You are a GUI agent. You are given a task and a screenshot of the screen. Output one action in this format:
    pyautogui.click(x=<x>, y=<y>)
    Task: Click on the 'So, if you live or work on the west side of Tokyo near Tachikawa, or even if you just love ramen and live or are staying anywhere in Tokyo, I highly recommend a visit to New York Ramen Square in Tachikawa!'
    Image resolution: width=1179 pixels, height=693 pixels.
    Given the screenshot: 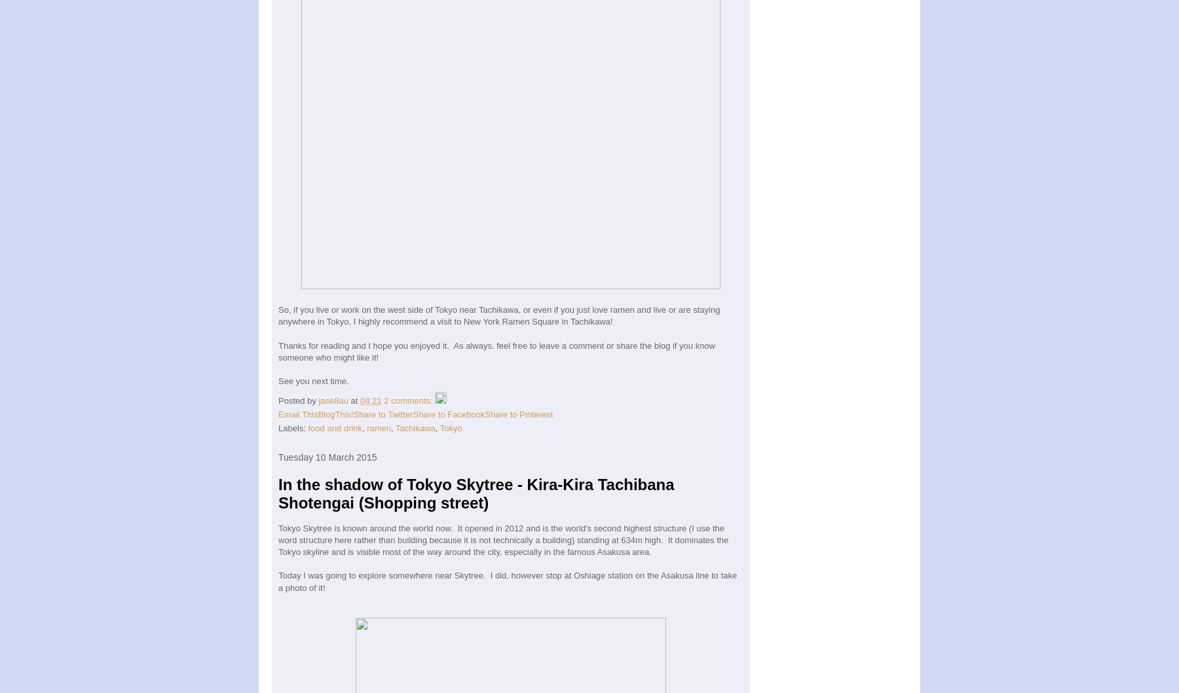 What is the action you would take?
    pyautogui.click(x=498, y=315)
    